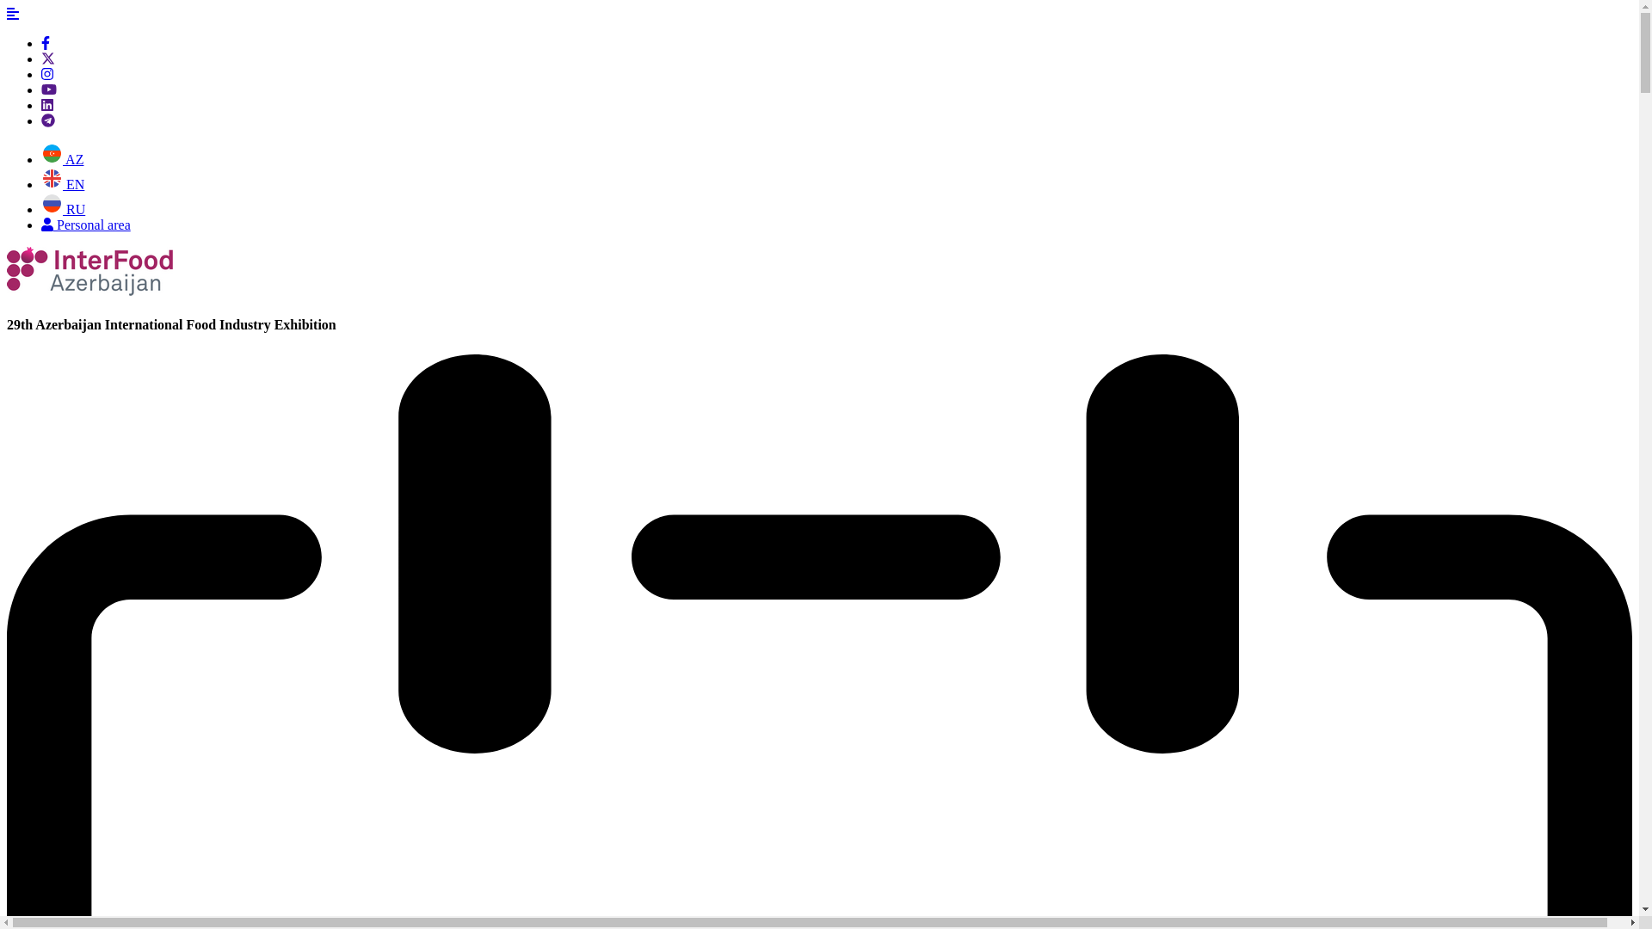 The image size is (1652, 929). What do you see at coordinates (63, 208) in the screenshot?
I see `'RU'` at bounding box center [63, 208].